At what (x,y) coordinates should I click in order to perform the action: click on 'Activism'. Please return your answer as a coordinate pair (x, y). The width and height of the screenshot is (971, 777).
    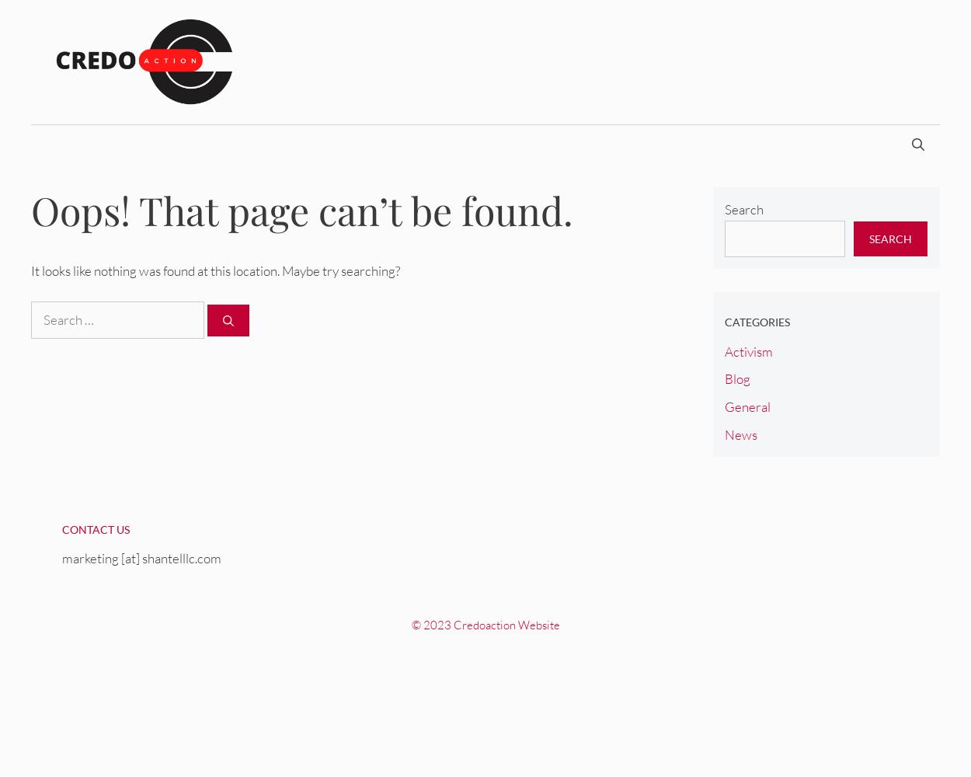
    Looking at the image, I should click on (724, 350).